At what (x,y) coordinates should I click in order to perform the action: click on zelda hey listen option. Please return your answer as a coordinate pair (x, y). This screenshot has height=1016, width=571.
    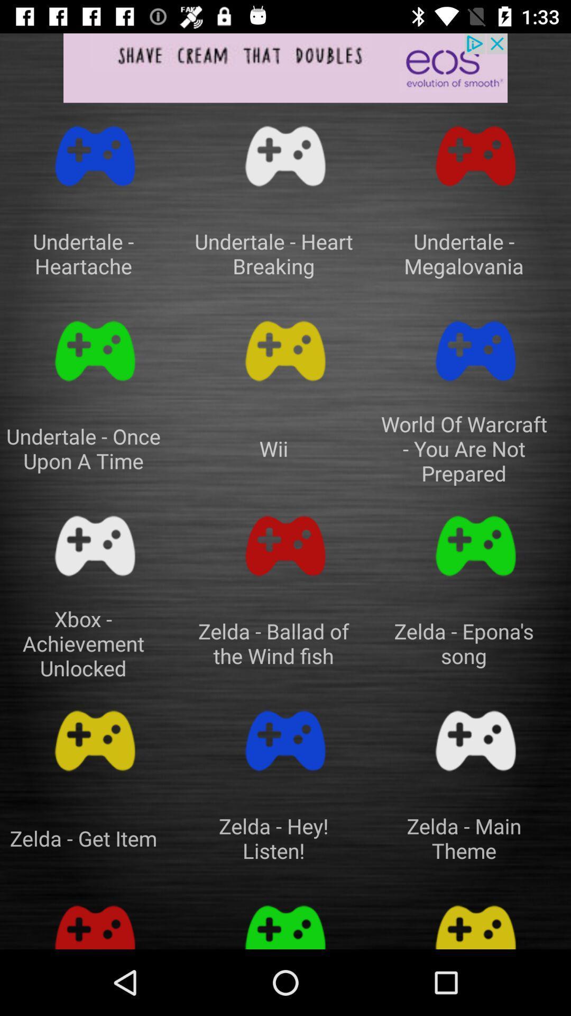
    Looking at the image, I should click on (285, 740).